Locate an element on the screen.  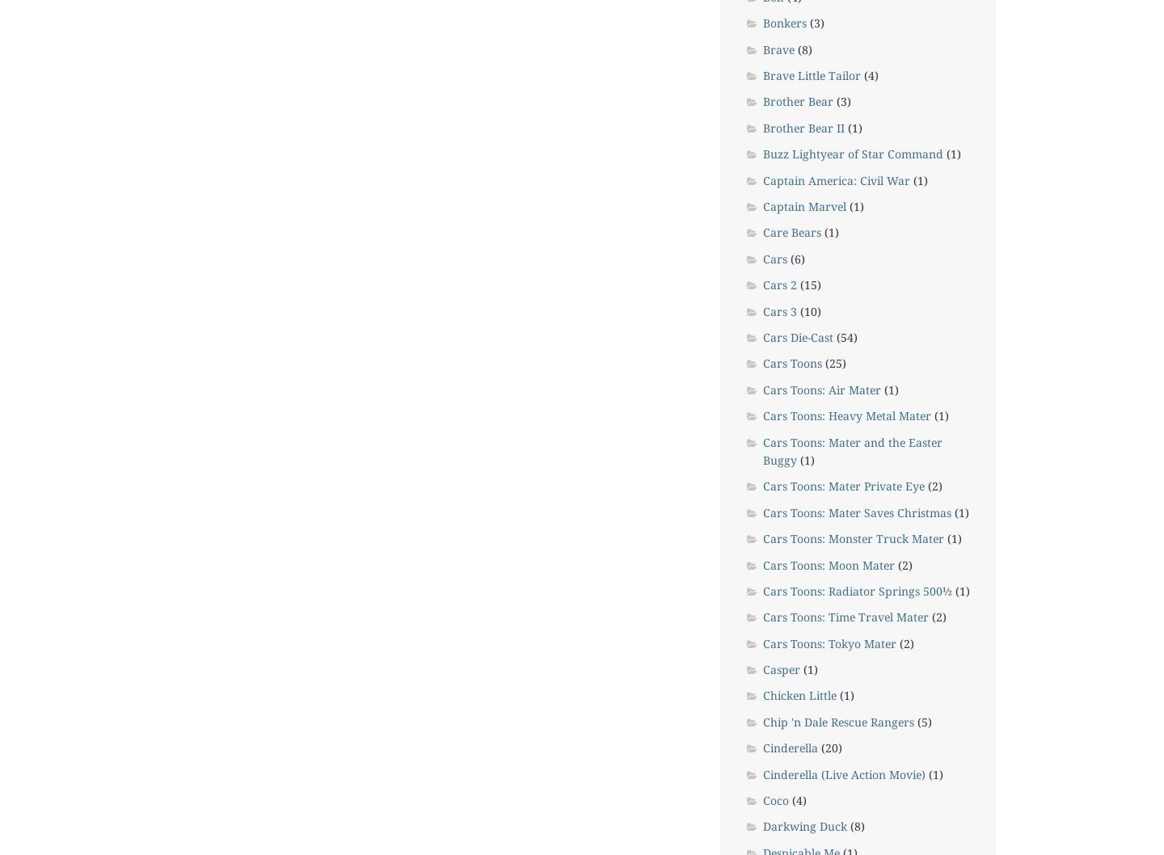
'Cars Toons: Mater Private Eye' is located at coordinates (762, 486).